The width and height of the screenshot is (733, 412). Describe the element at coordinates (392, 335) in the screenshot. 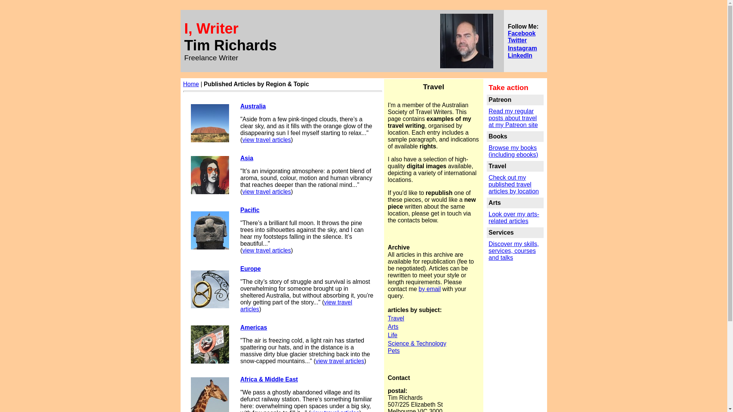

I see `'Life'` at that location.